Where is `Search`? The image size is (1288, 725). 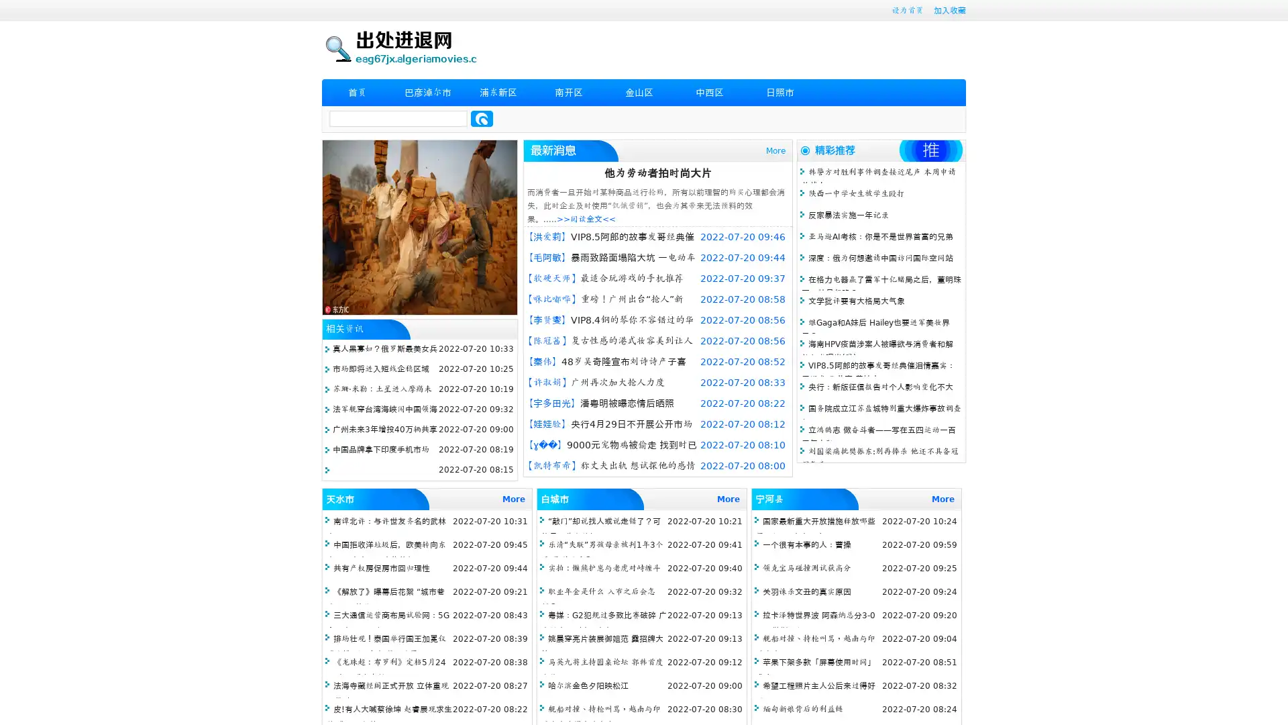
Search is located at coordinates (482, 118).